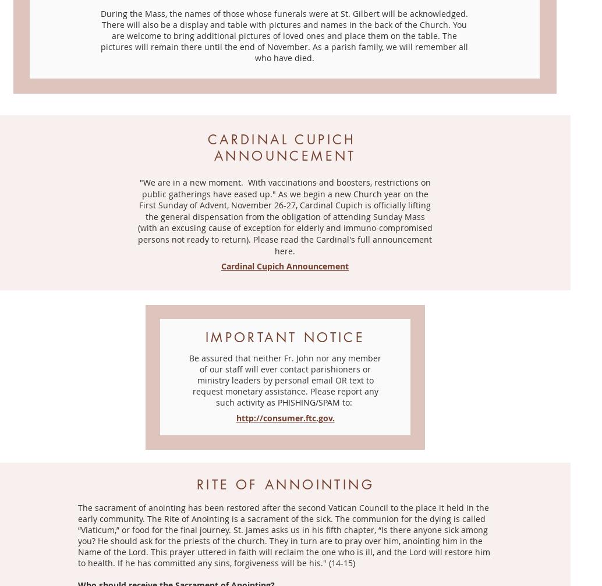 This screenshot has width=602, height=586. I want to click on 'Cardinal Cupich Announcement', so click(220, 266).